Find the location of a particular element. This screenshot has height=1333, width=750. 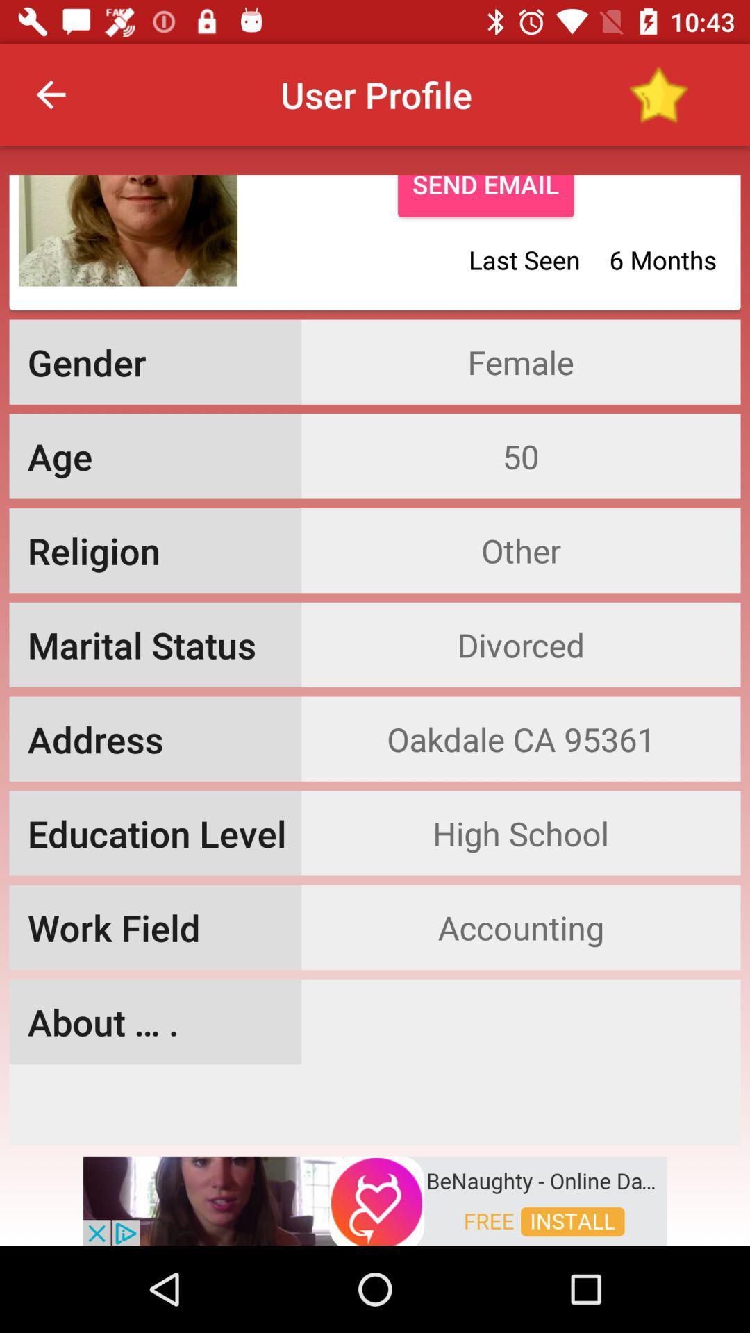

the symbol which is to the right of user profile is located at coordinates (658, 94).